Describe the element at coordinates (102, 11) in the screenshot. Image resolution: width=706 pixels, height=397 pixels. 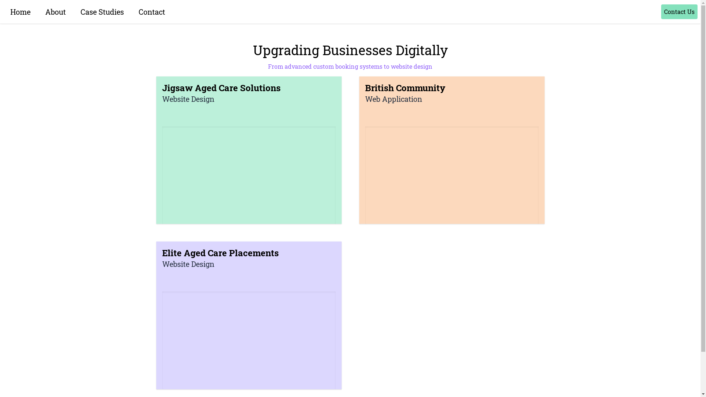
I see `'Case Studies'` at that location.